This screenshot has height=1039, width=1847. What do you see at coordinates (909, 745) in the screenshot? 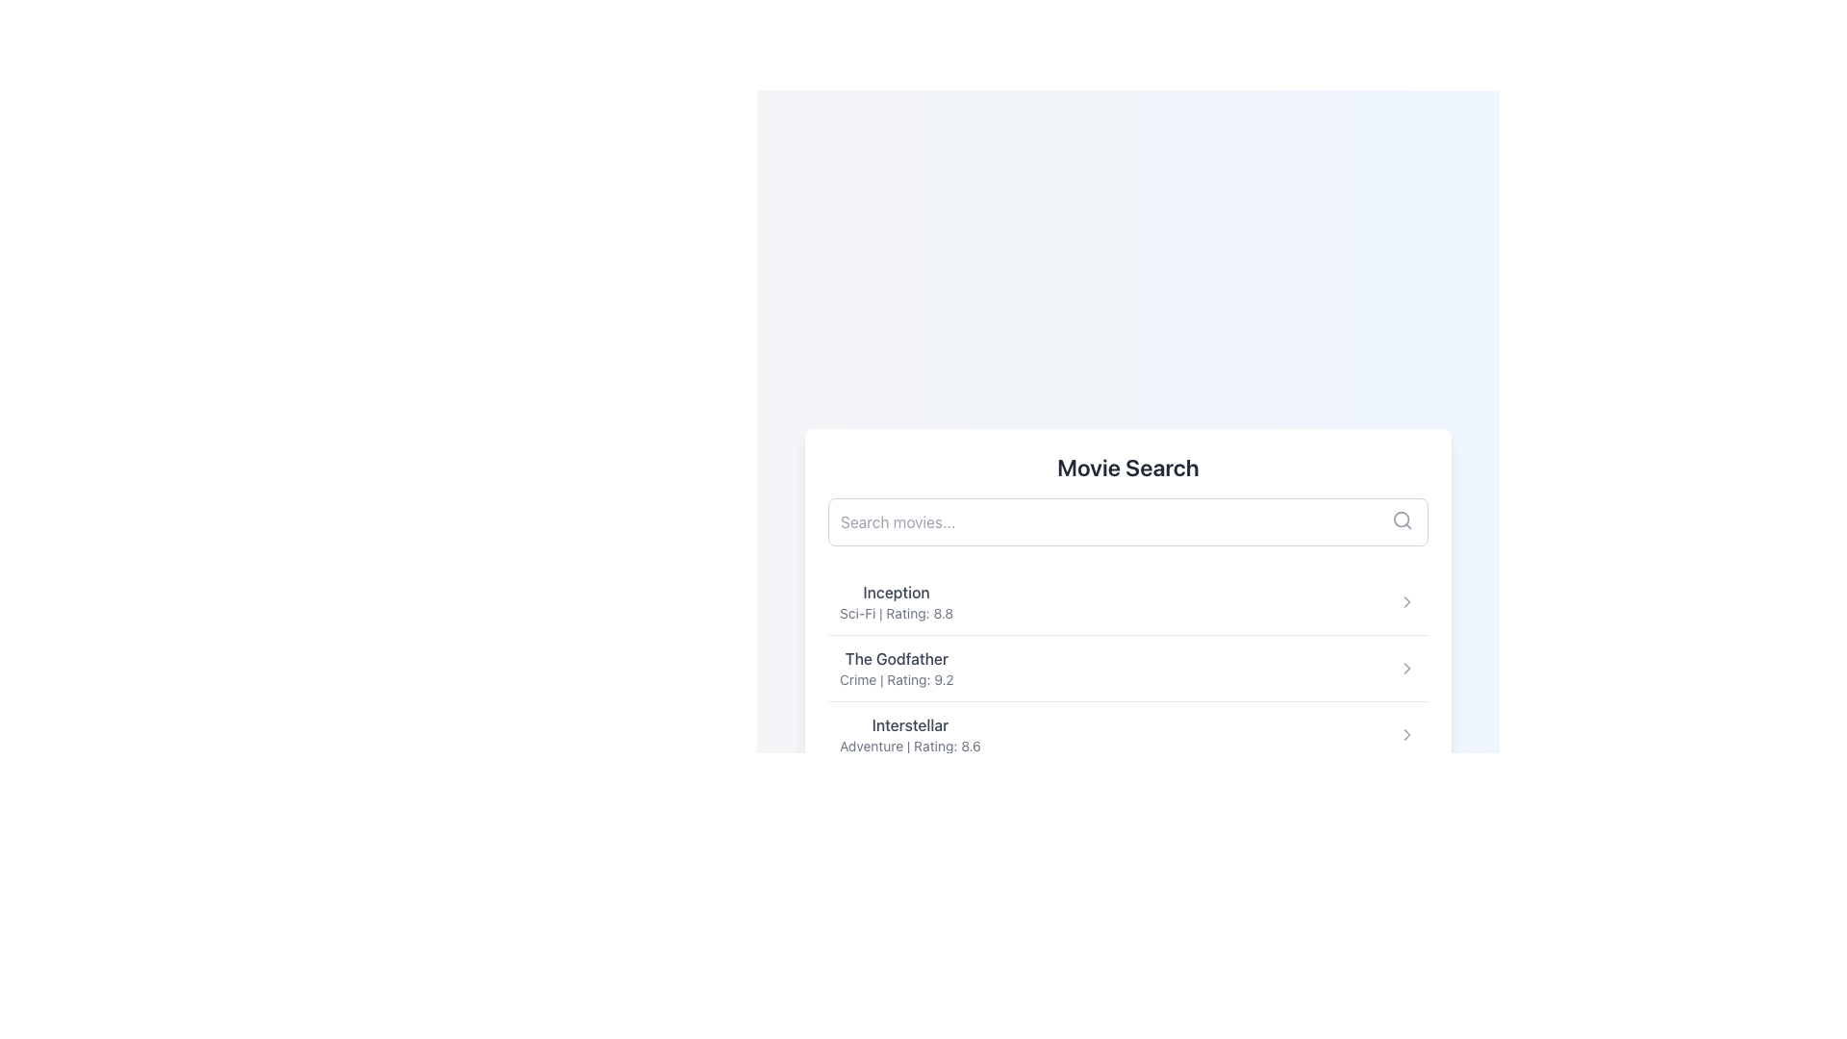
I see `the text label that provides additional details about the movie 'Interstellar', specifying its genre and user rating, located in the lower right section of the movie list` at bounding box center [909, 745].